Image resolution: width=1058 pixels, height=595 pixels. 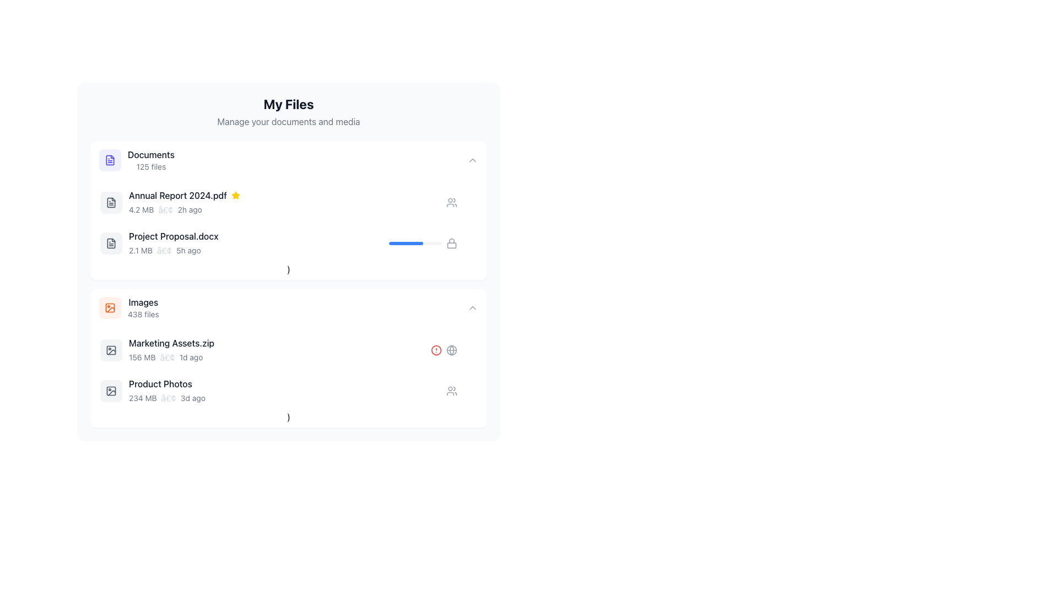 I want to click on the 'Marketing Assets.zip' file entry, which is the second item in the 'Images' section, so click(x=265, y=350).